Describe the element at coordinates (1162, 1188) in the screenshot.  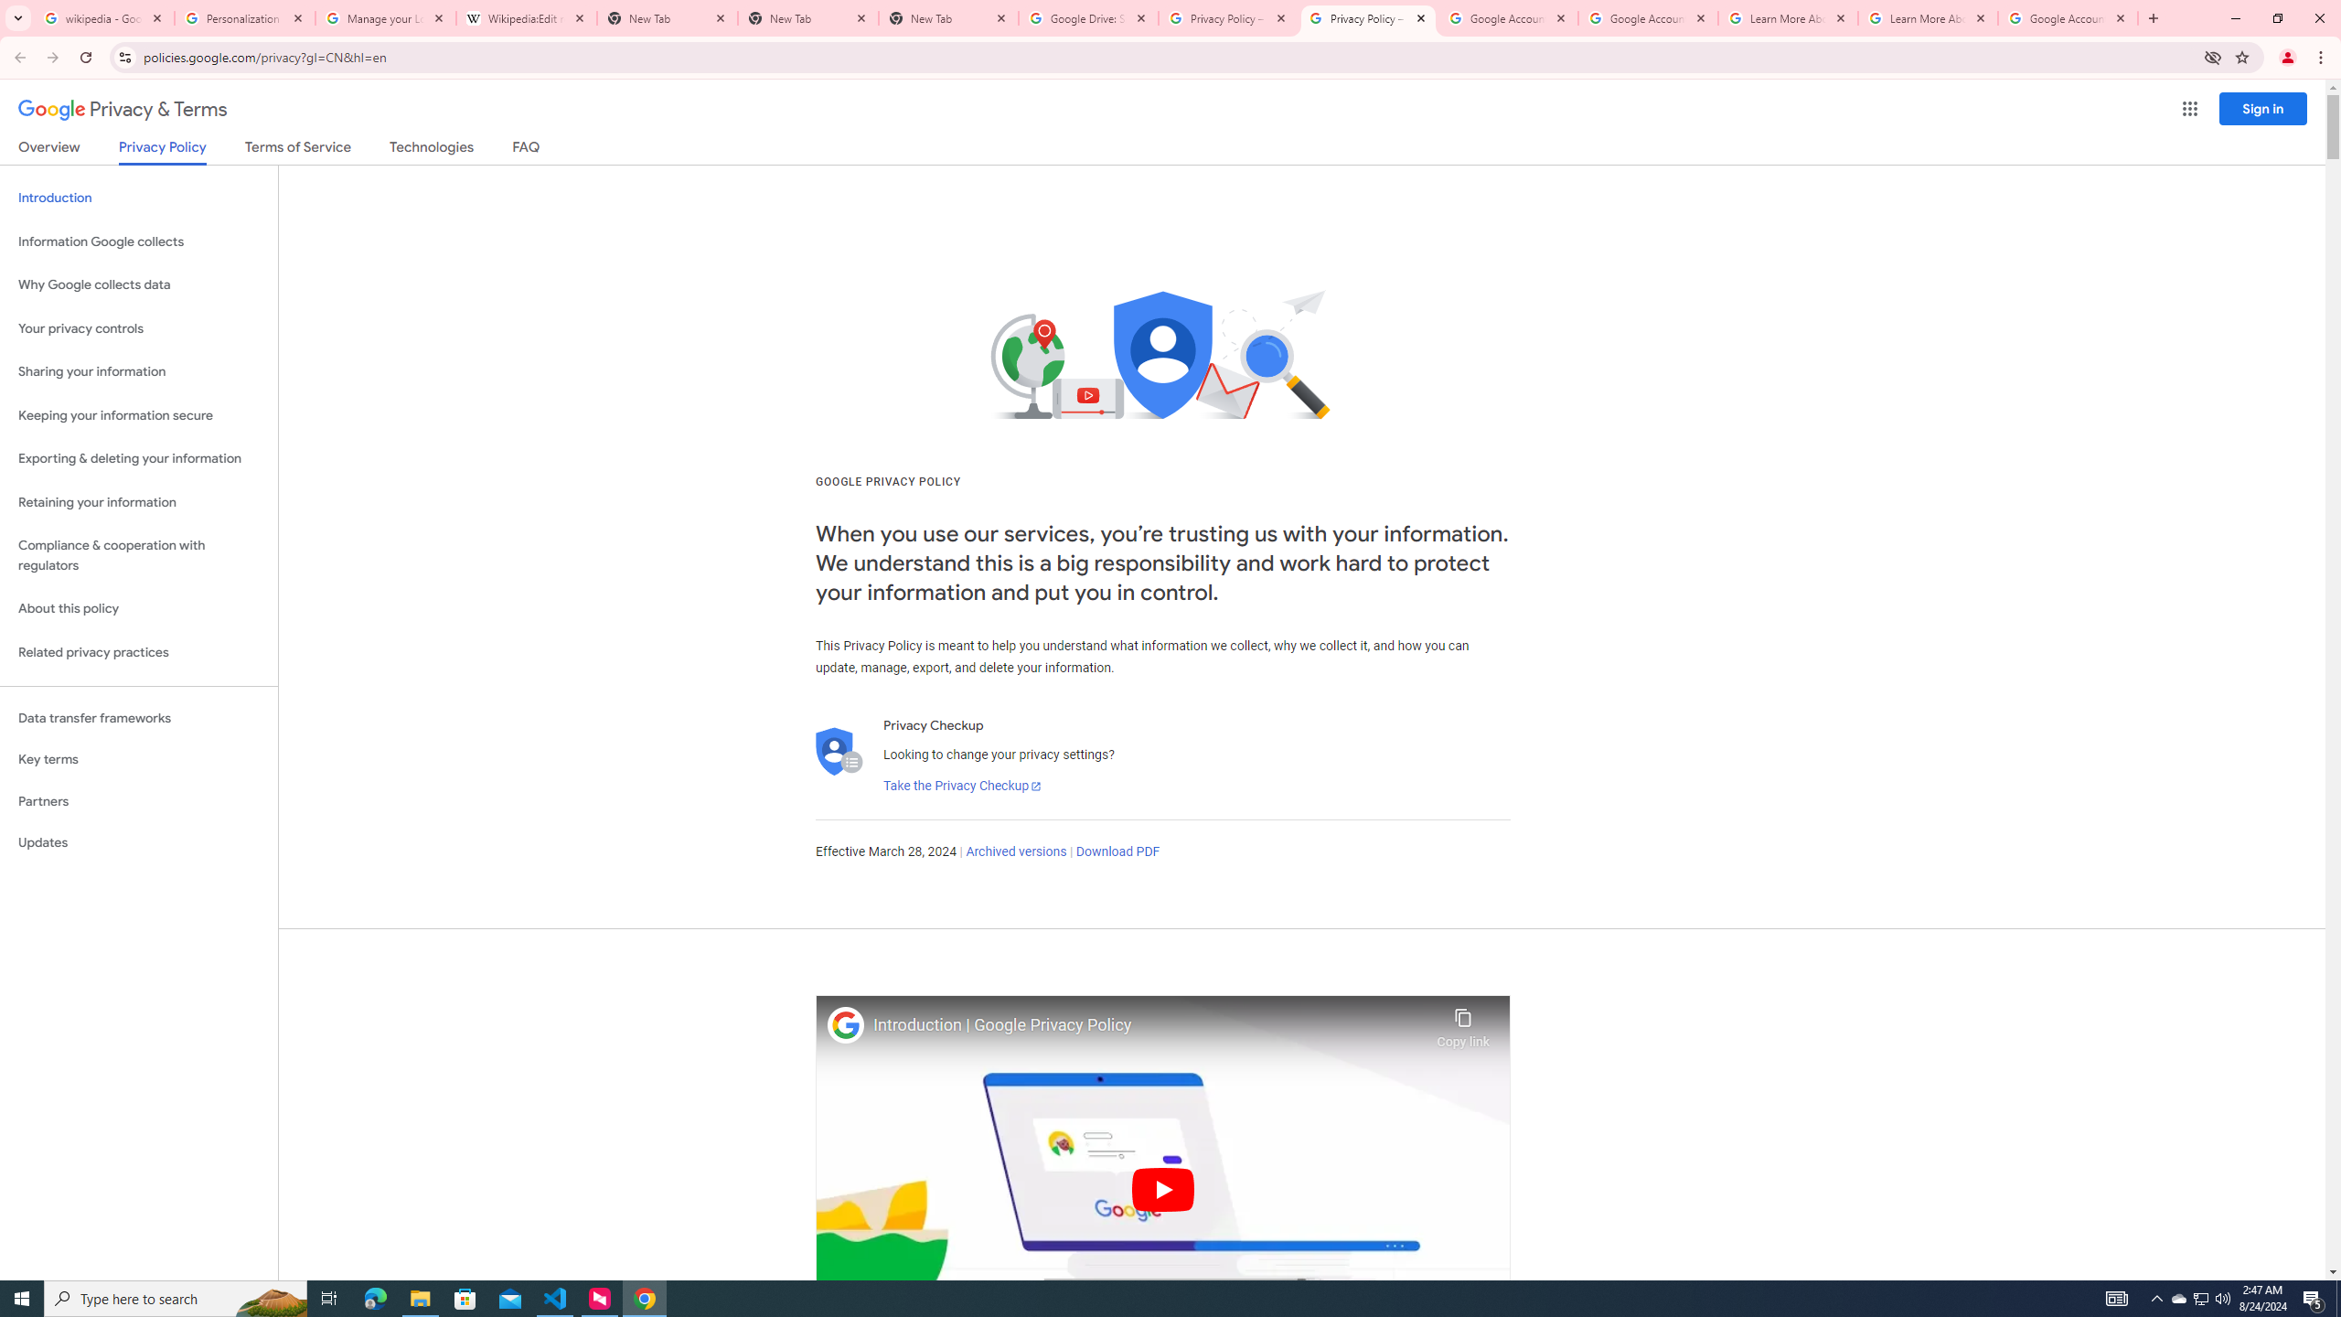
I see `'Play'` at that location.